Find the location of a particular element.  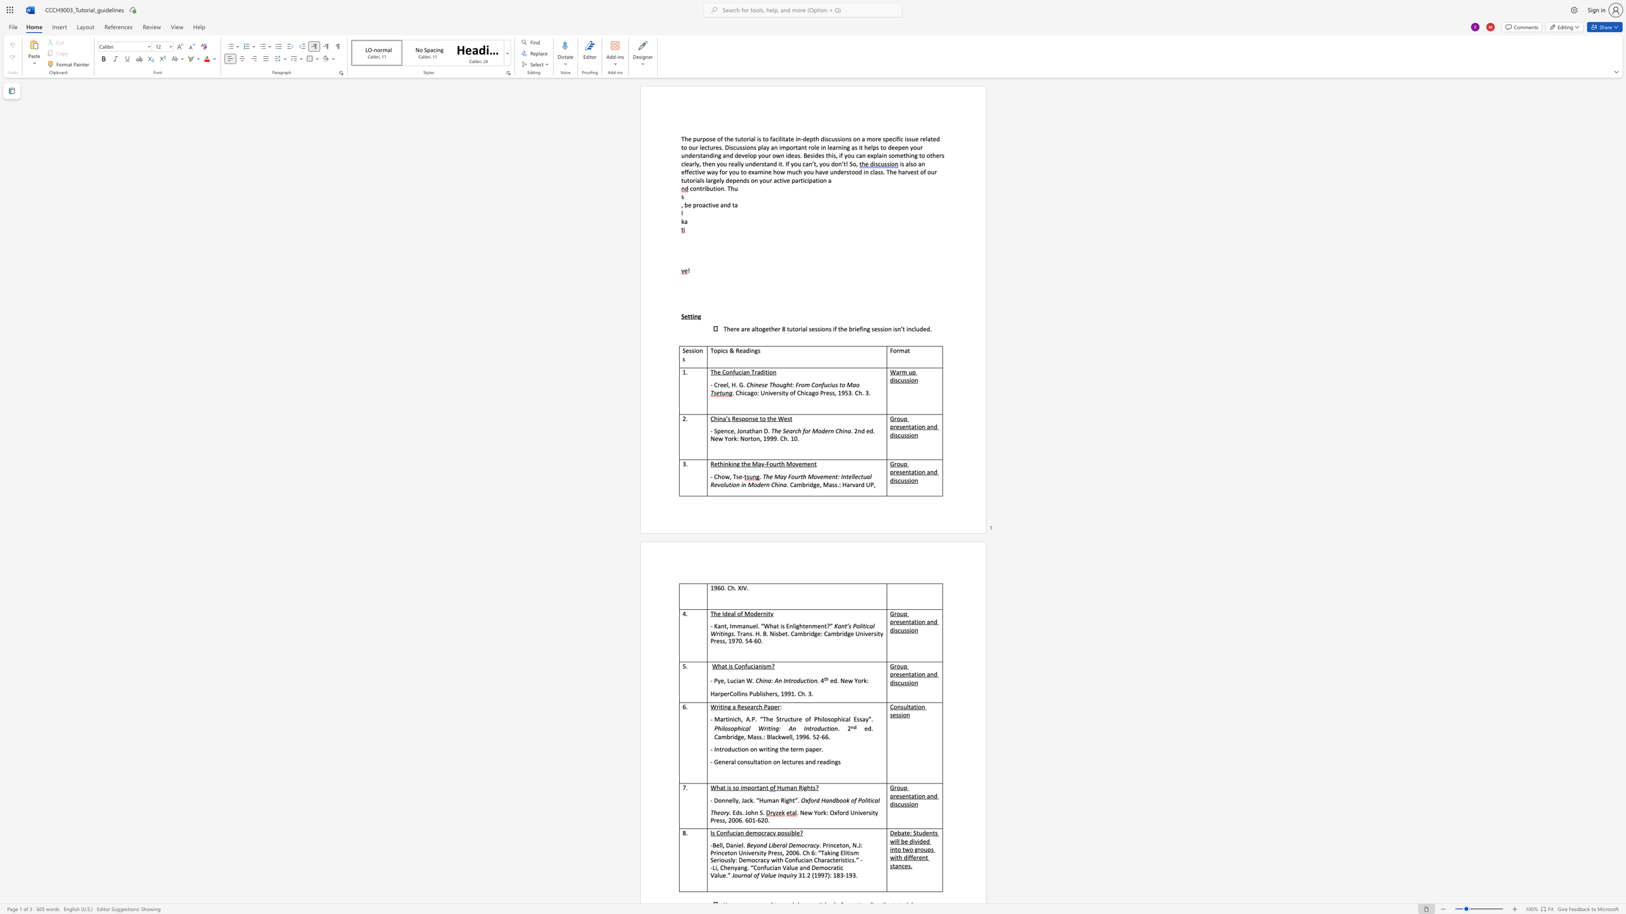

the subset text "sultati" within the text "Consultation session" is located at coordinates (901, 706).